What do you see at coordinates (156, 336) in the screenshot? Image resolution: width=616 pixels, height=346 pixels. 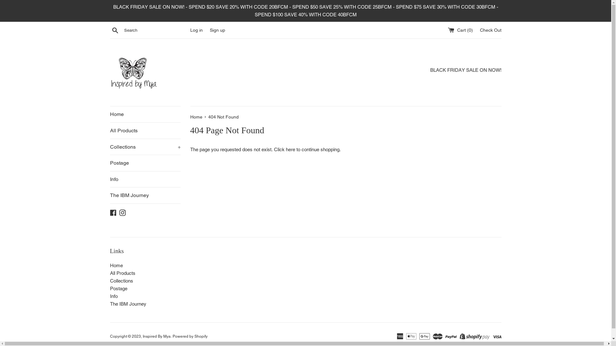 I see `'Inspired By Mya'` at bounding box center [156, 336].